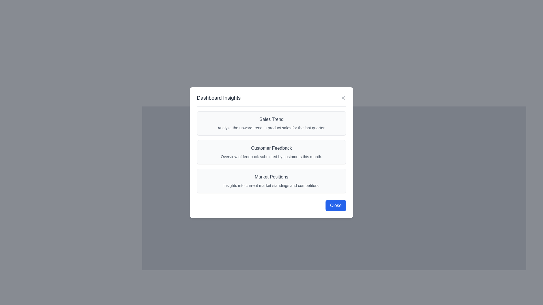  Describe the element at coordinates (271, 152) in the screenshot. I see `the 'Customer Feedback' Information Card, which is the second card in a vertical list of three cards within a modal dialog` at that location.